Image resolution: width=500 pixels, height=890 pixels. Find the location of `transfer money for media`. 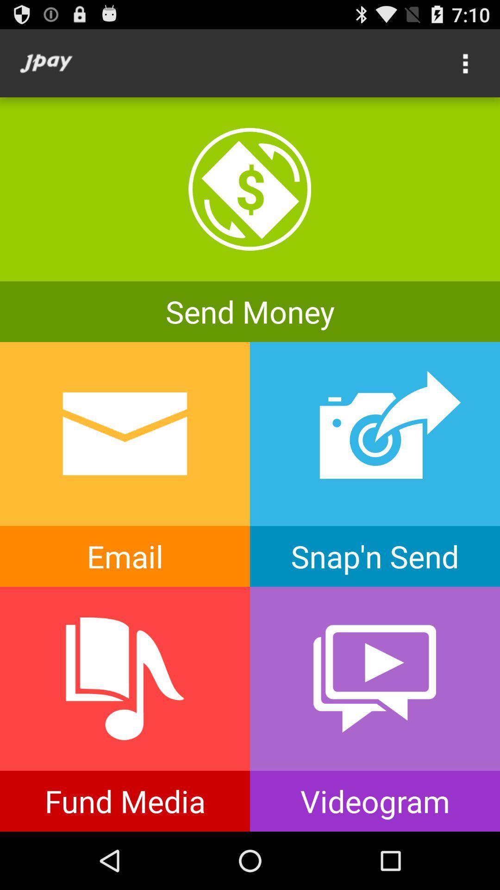

transfer money for media is located at coordinates (125, 709).